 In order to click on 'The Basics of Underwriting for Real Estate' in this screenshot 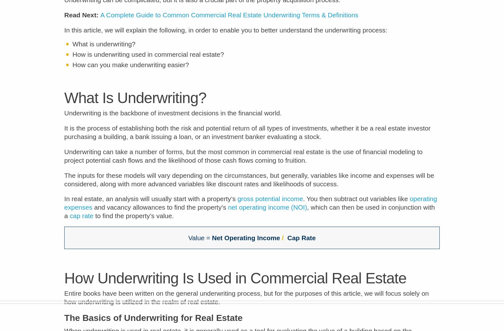, I will do `click(153, 322)`.